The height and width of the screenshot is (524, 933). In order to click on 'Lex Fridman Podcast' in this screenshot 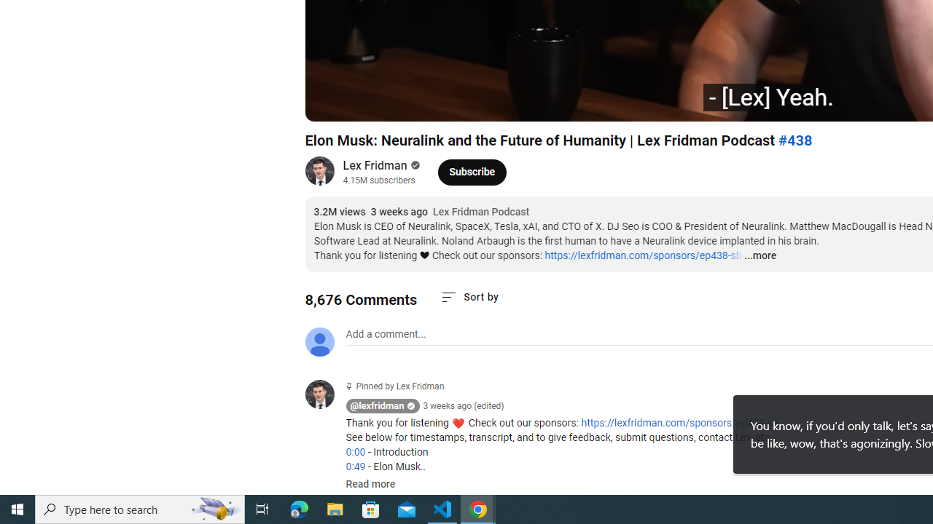, I will do `click(481, 212)`.